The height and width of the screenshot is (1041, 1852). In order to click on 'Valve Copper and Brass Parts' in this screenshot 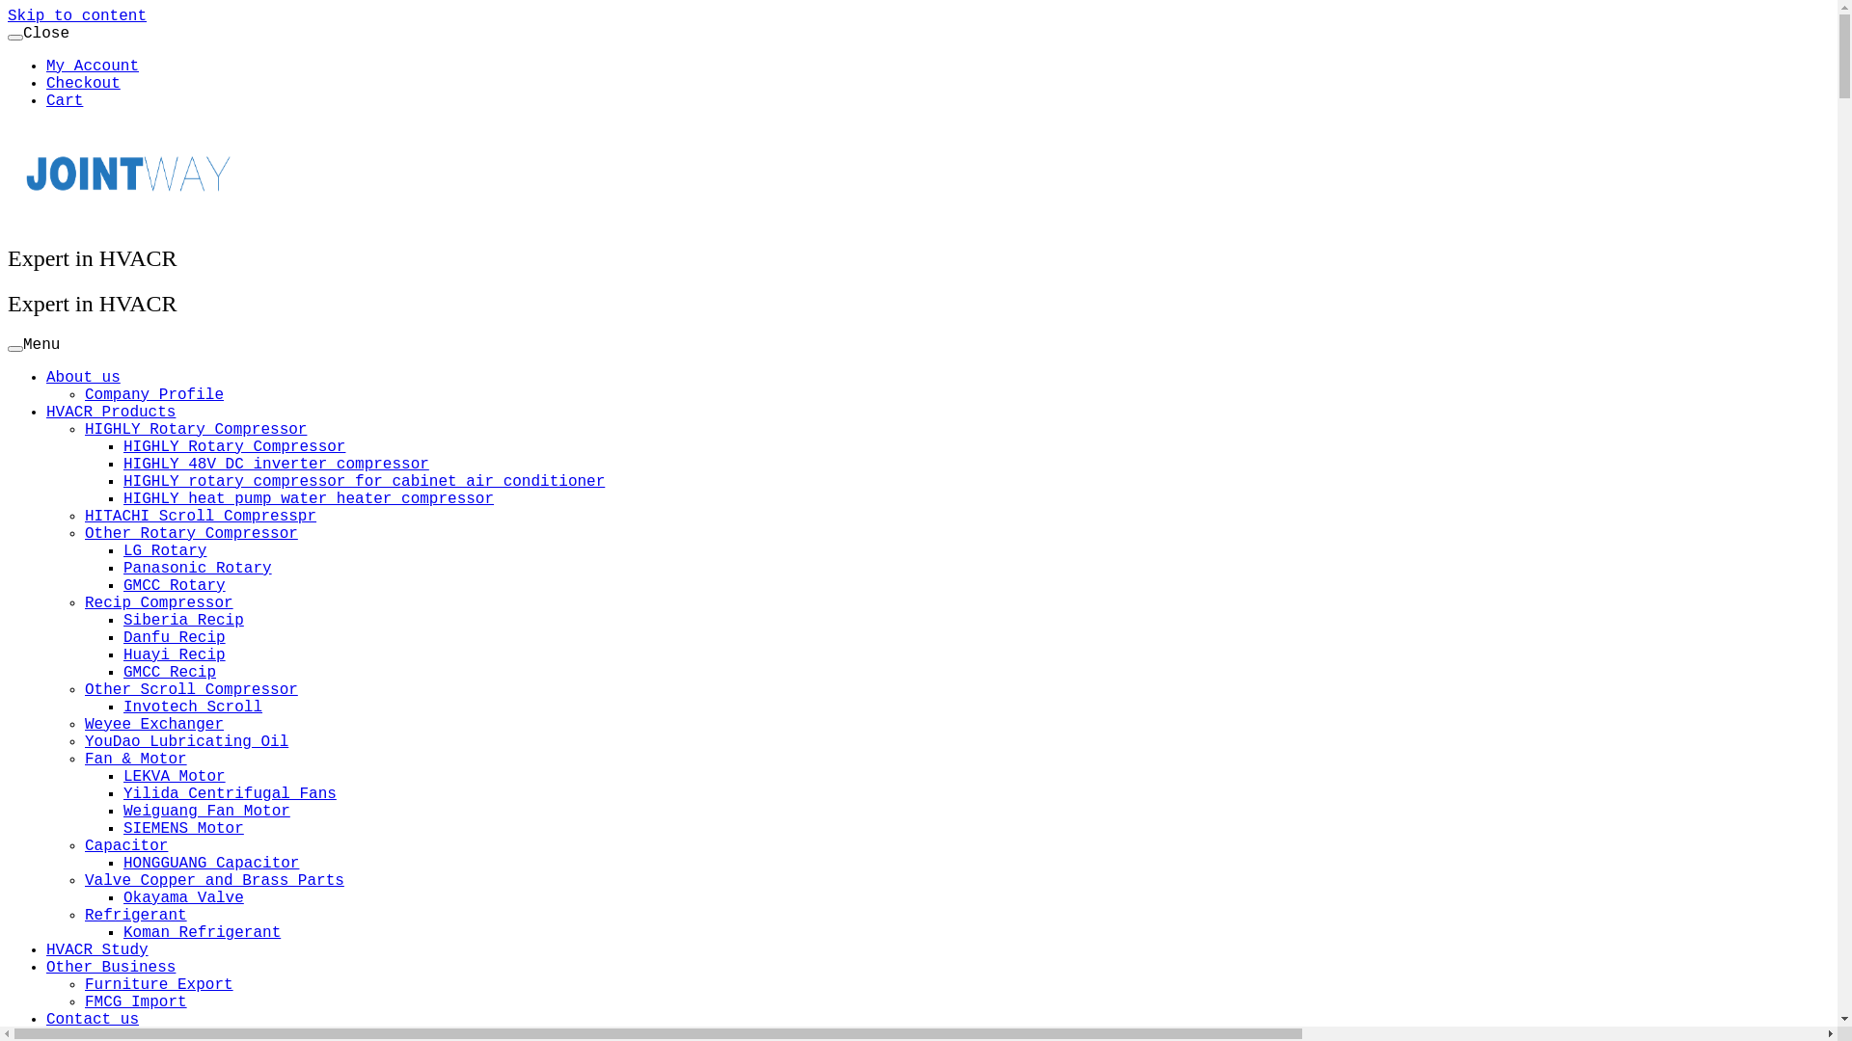, I will do `click(214, 881)`.